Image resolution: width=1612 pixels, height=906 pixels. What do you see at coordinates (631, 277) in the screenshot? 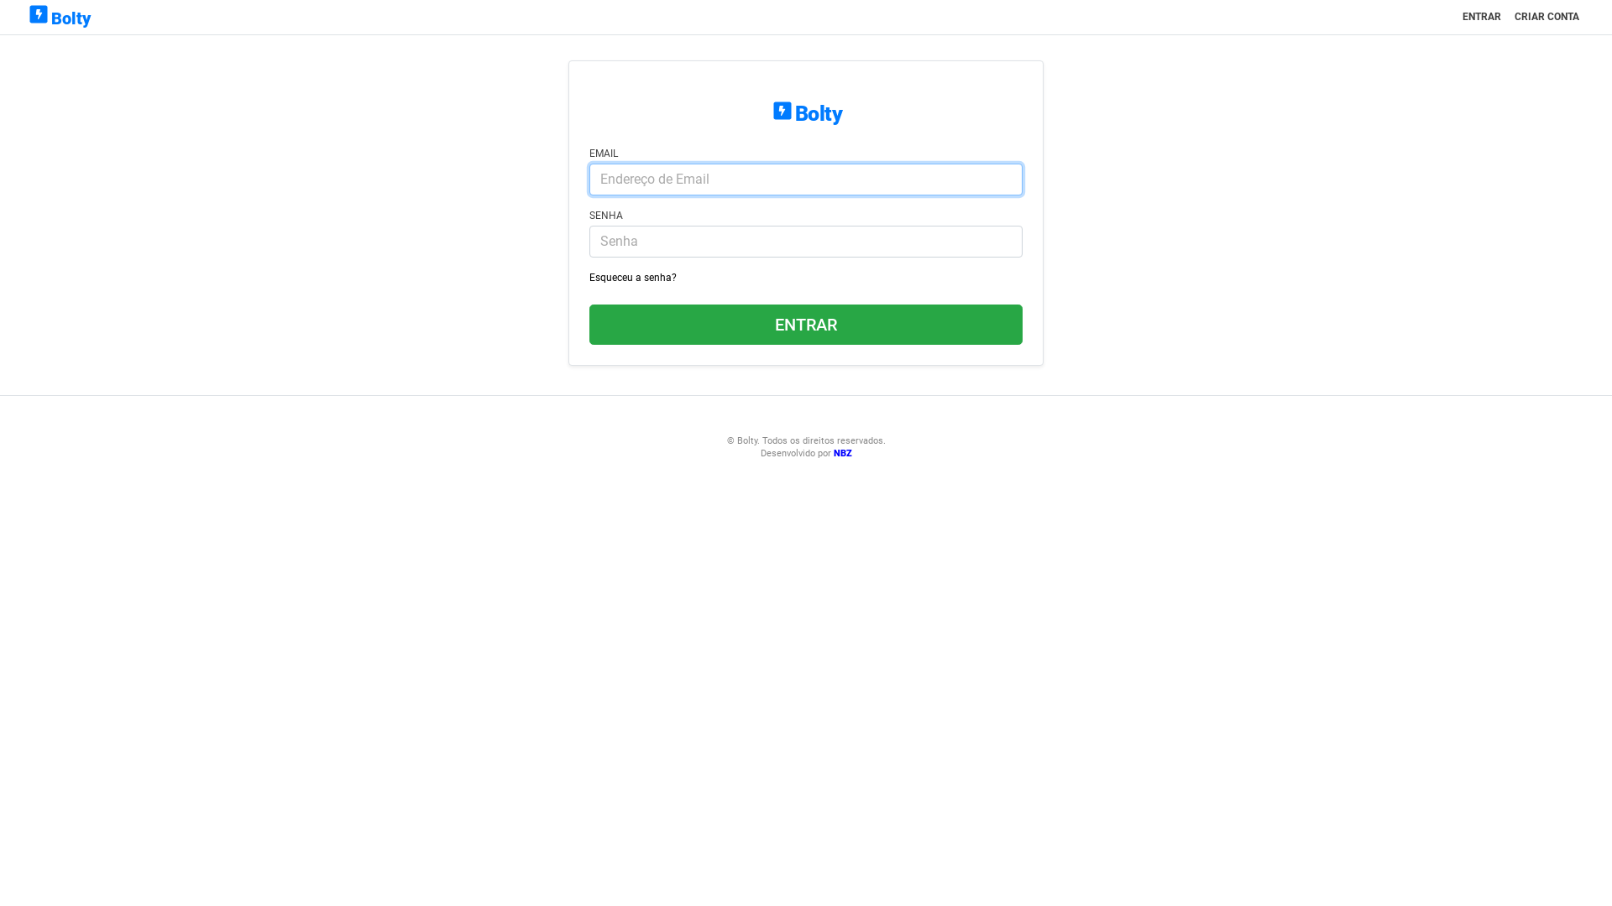
I see `'Esqueceu a senha?'` at bounding box center [631, 277].